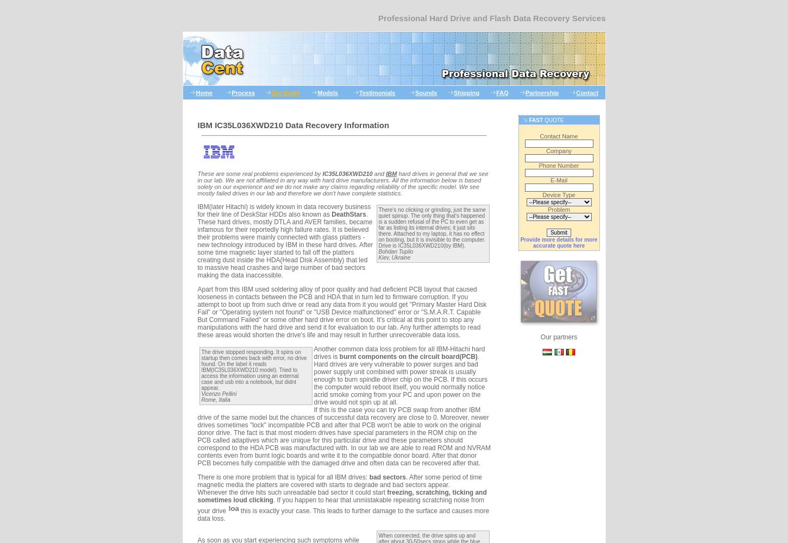 This screenshot has height=543, width=788. Describe the element at coordinates (197, 514) in the screenshot. I see `'this is exactly your case. This leads to further damage to the surface and causes more data loss.'` at that location.